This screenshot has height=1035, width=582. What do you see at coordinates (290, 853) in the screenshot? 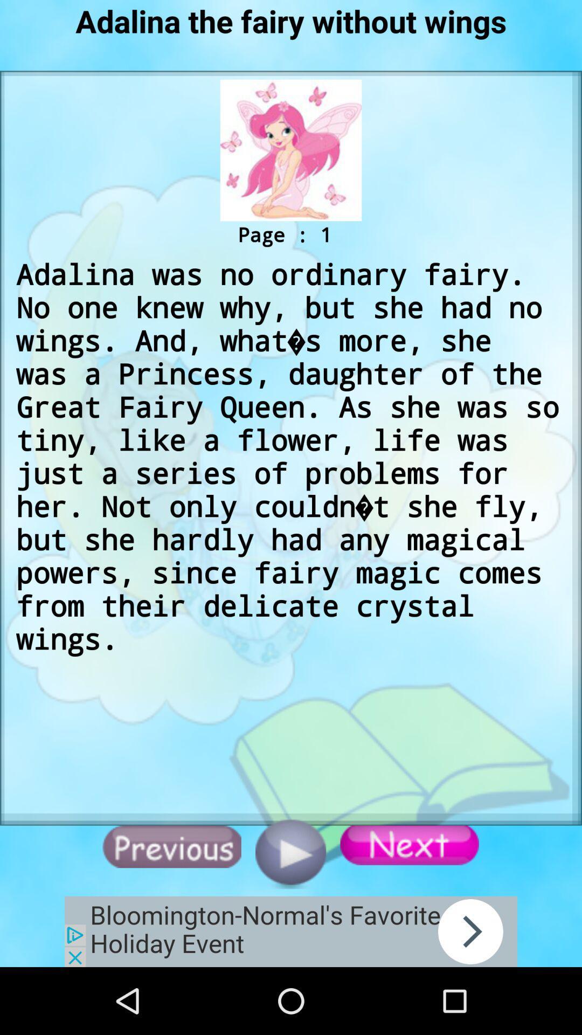
I see `the play icon` at bounding box center [290, 853].